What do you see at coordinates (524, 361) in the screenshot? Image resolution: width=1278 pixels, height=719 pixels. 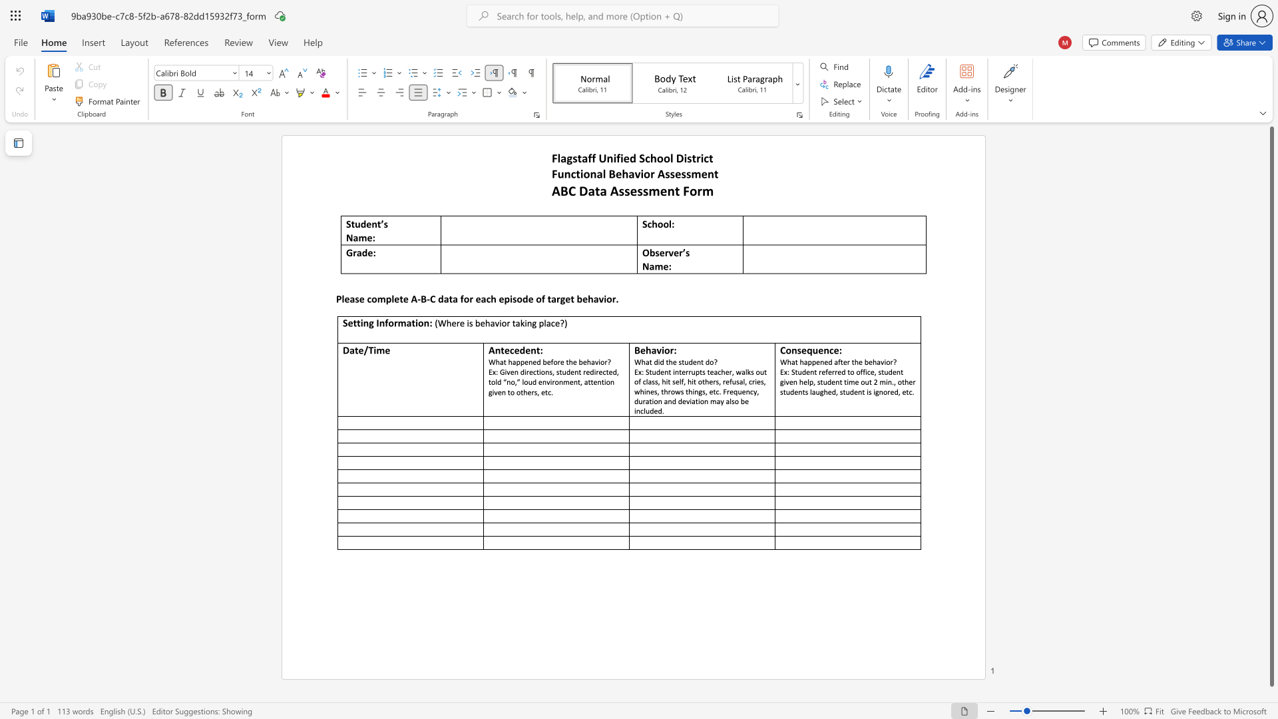 I see `the subset text "ened b" within the text "What happened before the behavior?"` at bounding box center [524, 361].